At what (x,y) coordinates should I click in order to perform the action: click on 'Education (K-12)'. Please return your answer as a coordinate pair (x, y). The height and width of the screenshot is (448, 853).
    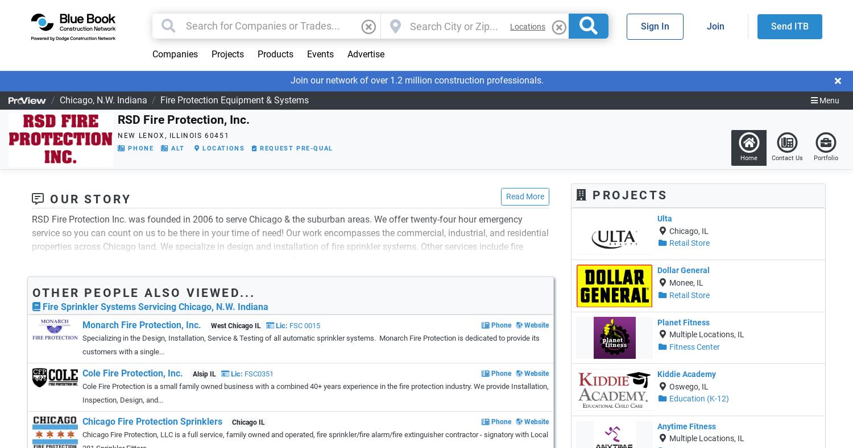
    Looking at the image, I should click on (698, 398).